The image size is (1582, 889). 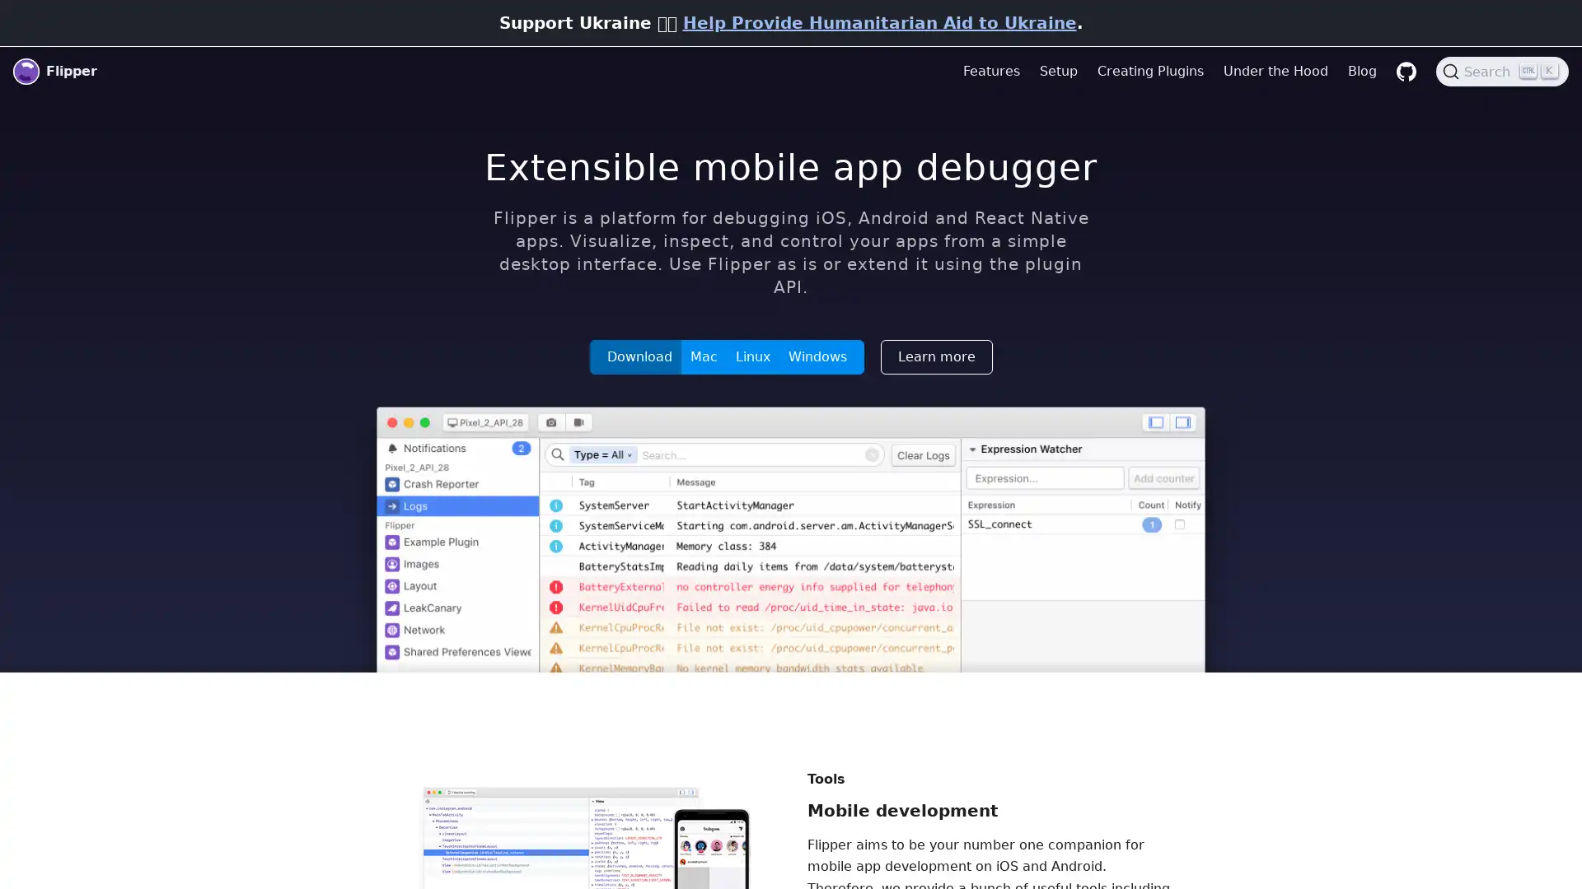 I want to click on Search, so click(x=1502, y=71).